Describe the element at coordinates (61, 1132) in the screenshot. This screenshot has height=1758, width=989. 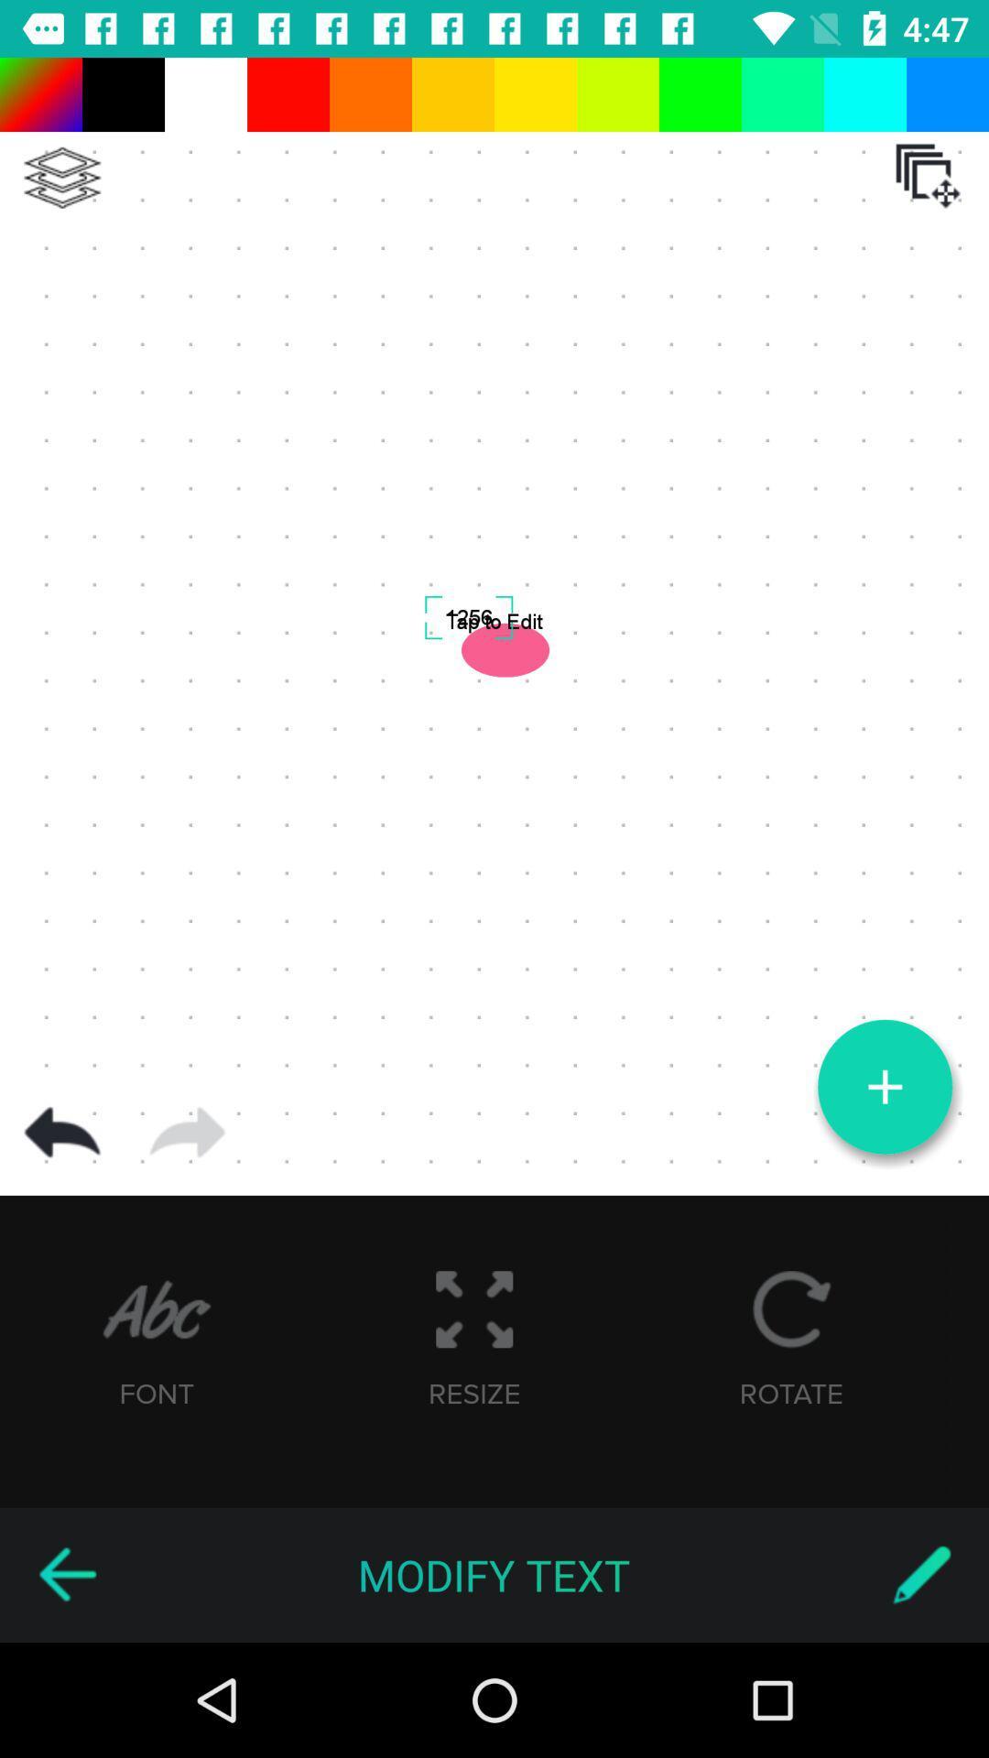
I see `the undo icon` at that location.